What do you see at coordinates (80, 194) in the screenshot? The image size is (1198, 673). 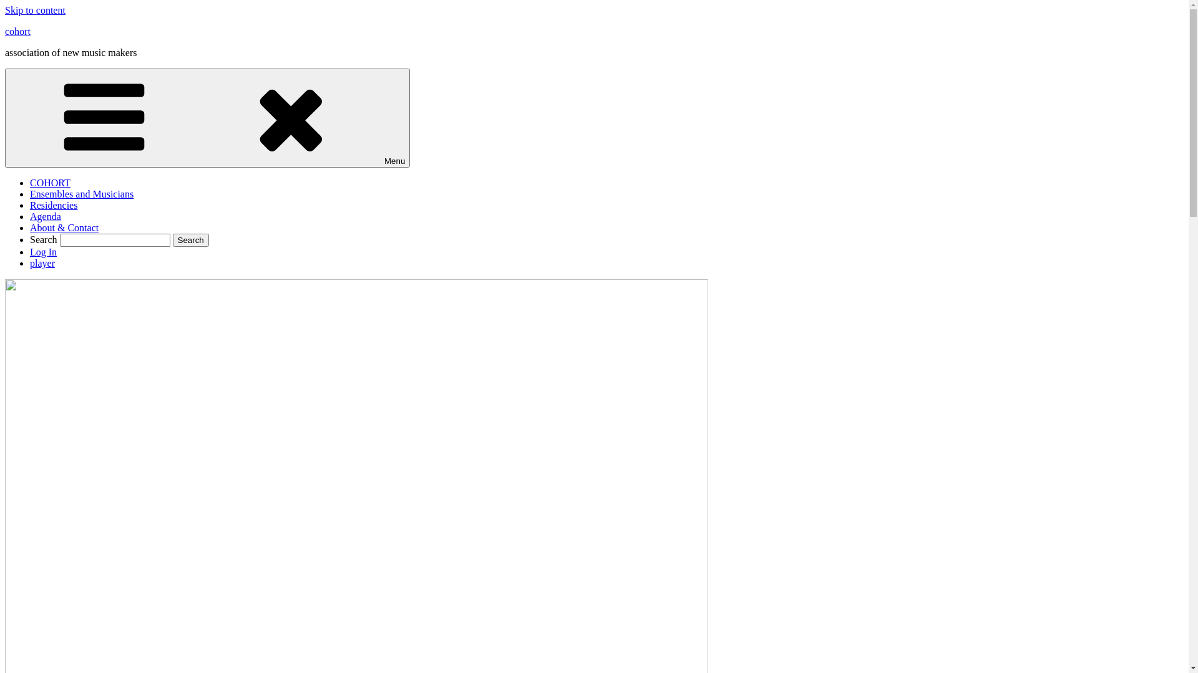 I see `'Ensembles and Musicians'` at bounding box center [80, 194].